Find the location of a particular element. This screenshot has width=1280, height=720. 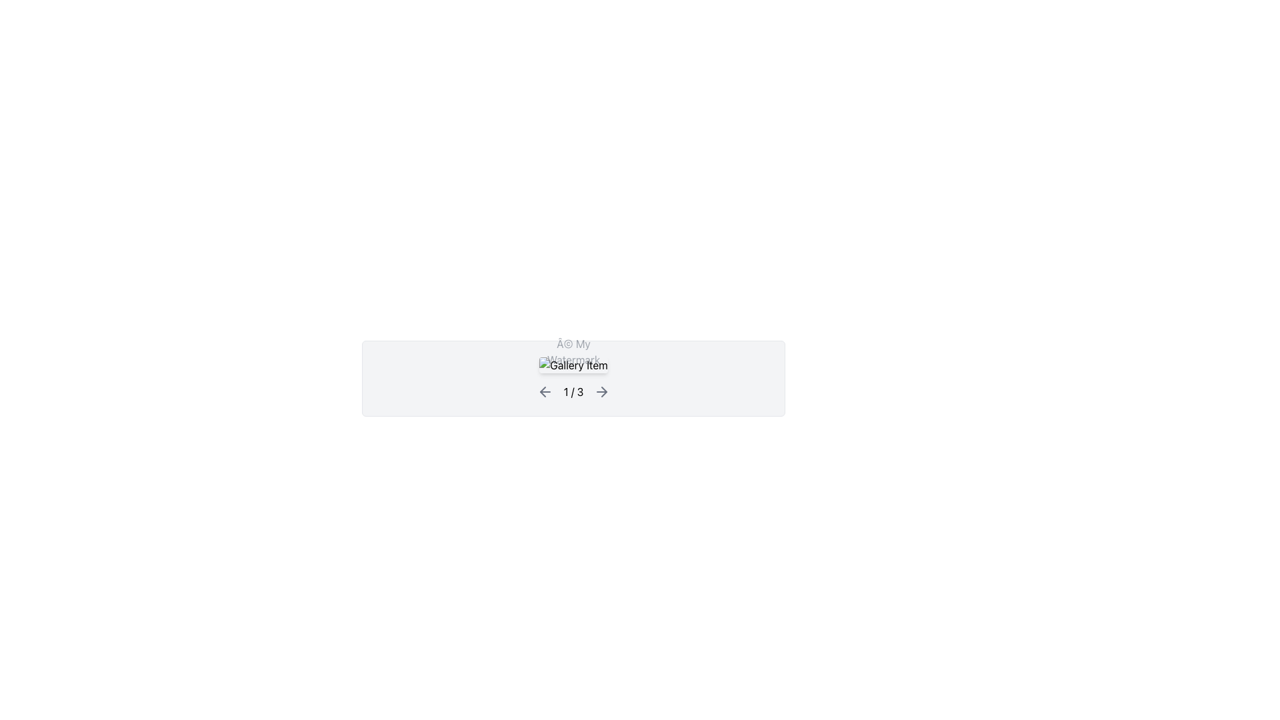

text displayed in the navigation component located at the bottom center of the gray-background rectangular card, between the left and right arrow icons is located at coordinates (573, 391).